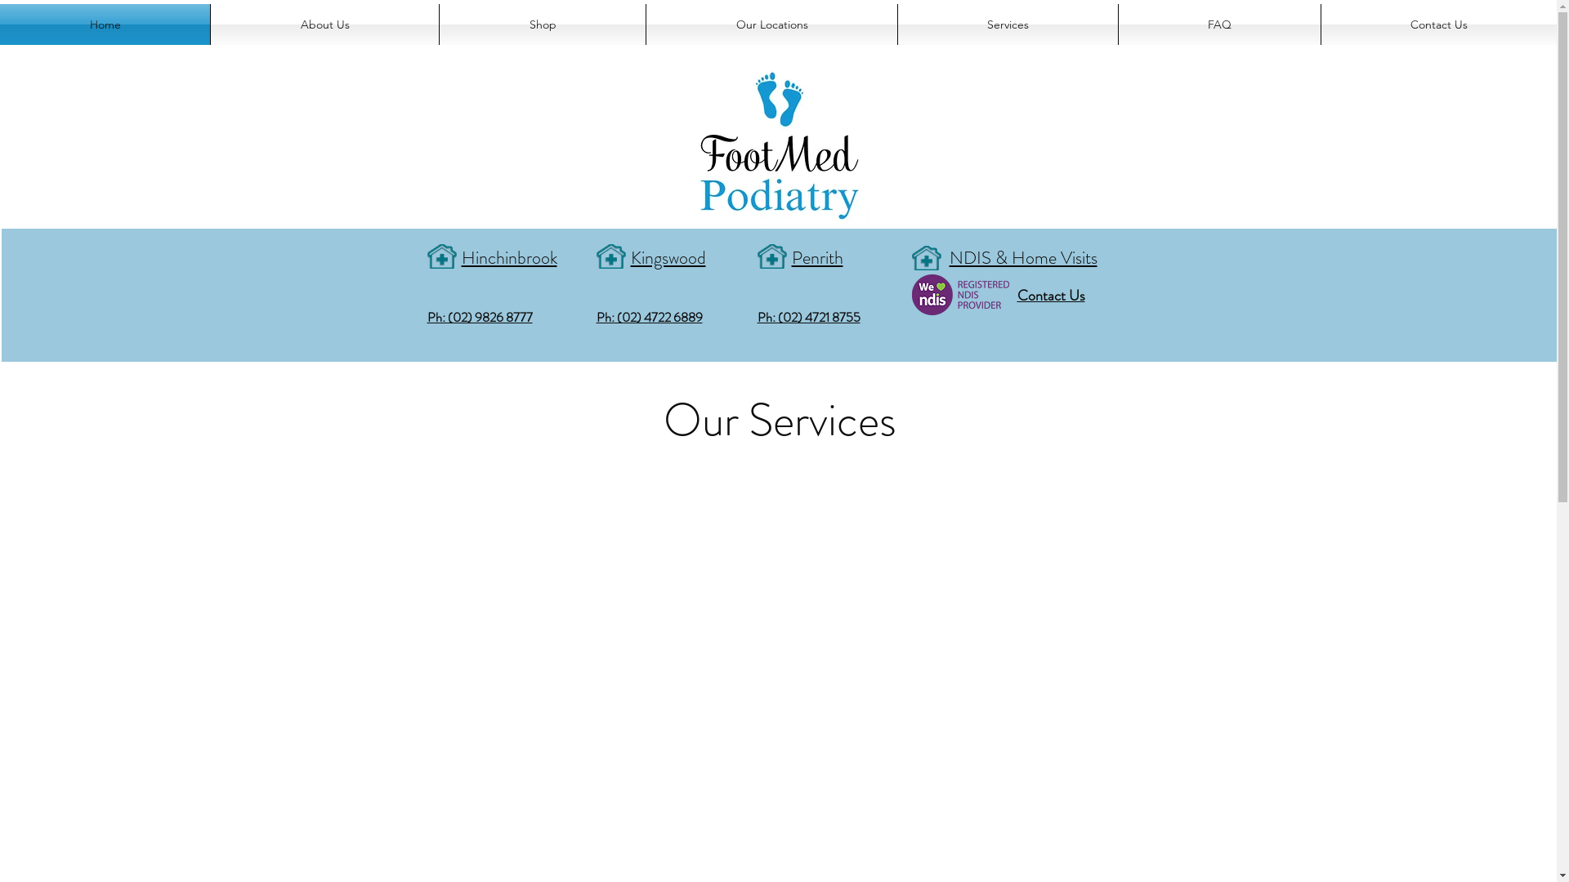  What do you see at coordinates (807, 315) in the screenshot?
I see `'Ph: (02) 4721 8755'` at bounding box center [807, 315].